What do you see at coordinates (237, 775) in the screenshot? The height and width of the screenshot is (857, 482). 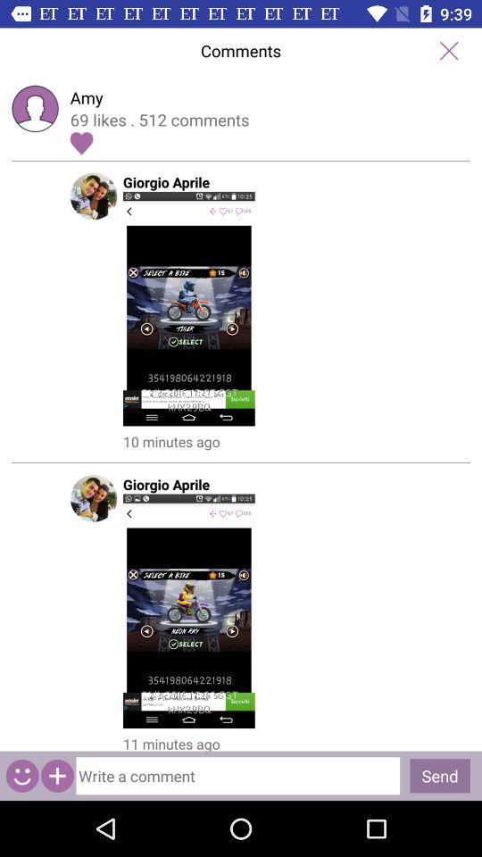 I see `write a comment` at bounding box center [237, 775].